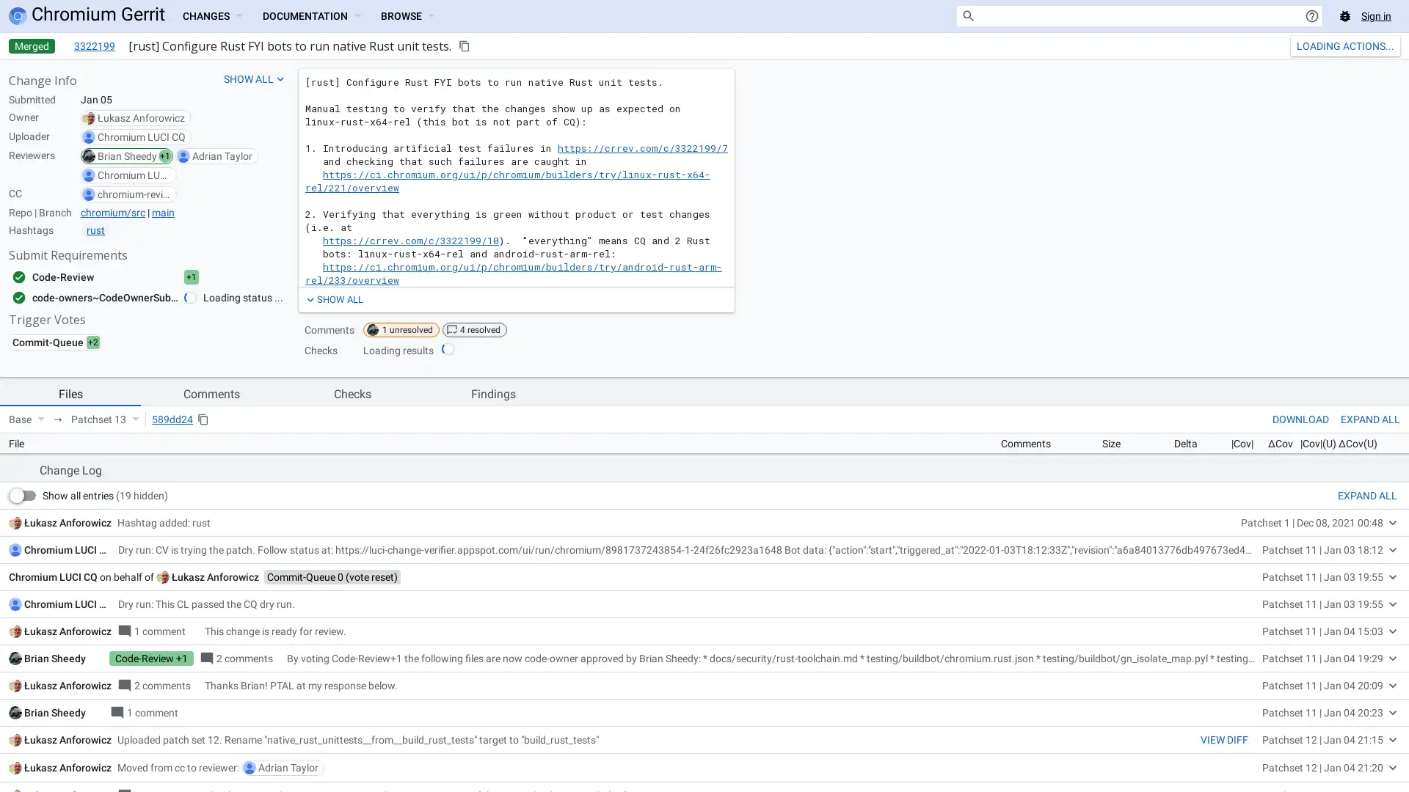  I want to click on EXPAND ALL, so click(1369, 419).